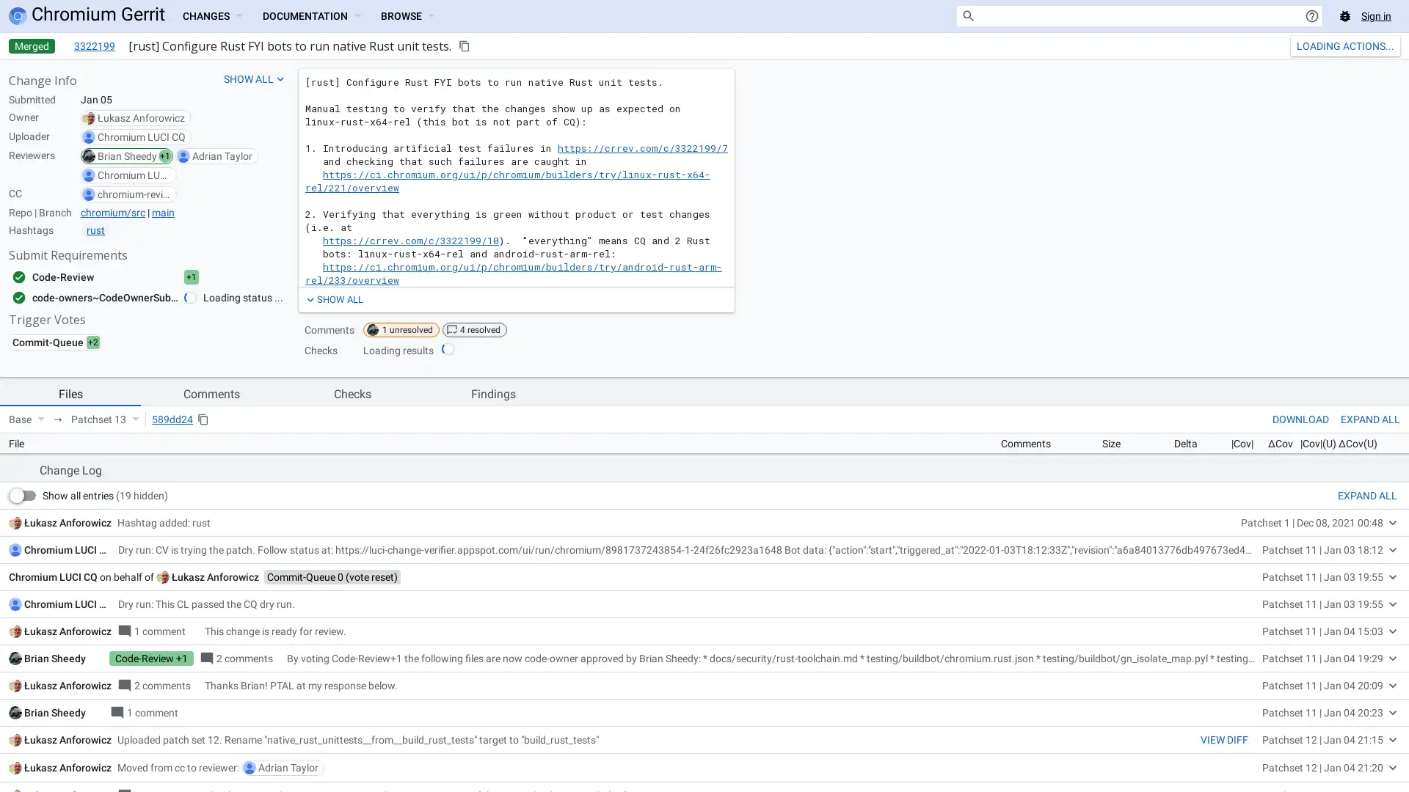  I want to click on EXPAND ALL, so click(1369, 419).